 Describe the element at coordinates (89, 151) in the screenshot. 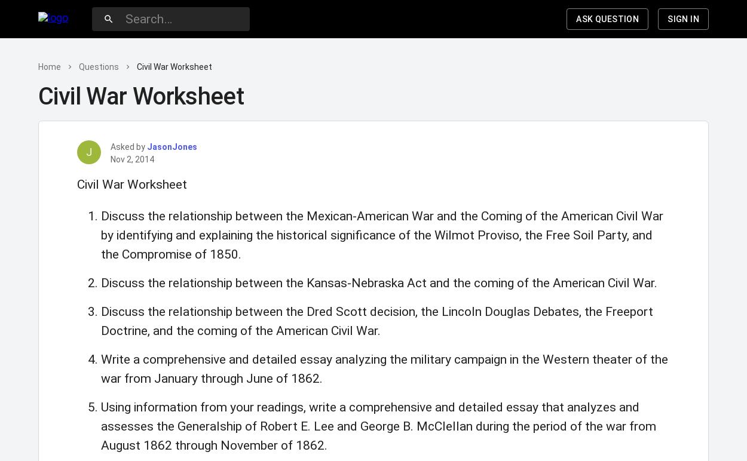

I see `'J'` at that location.